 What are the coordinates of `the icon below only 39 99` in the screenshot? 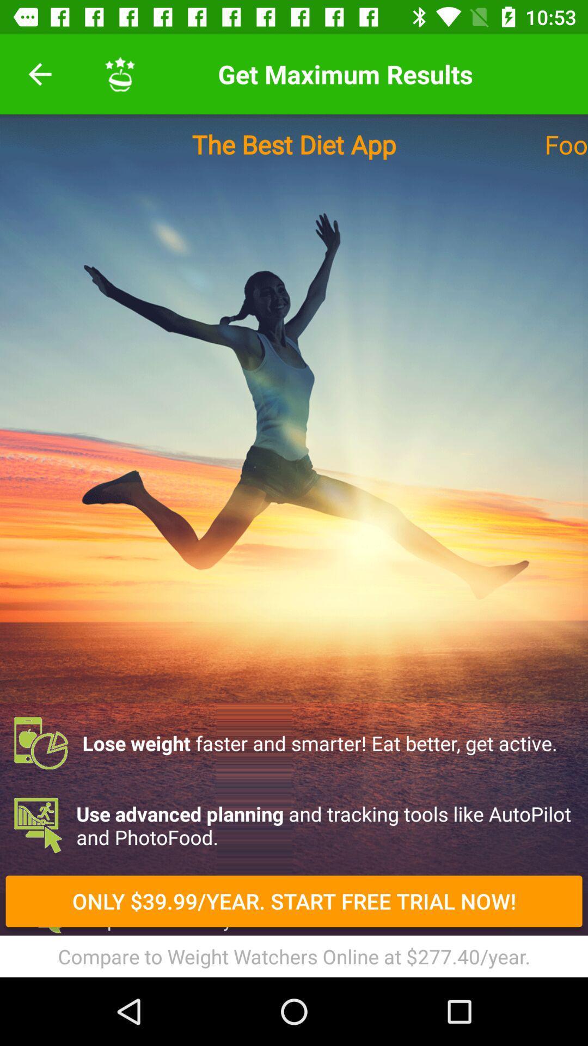 It's located at (294, 956).